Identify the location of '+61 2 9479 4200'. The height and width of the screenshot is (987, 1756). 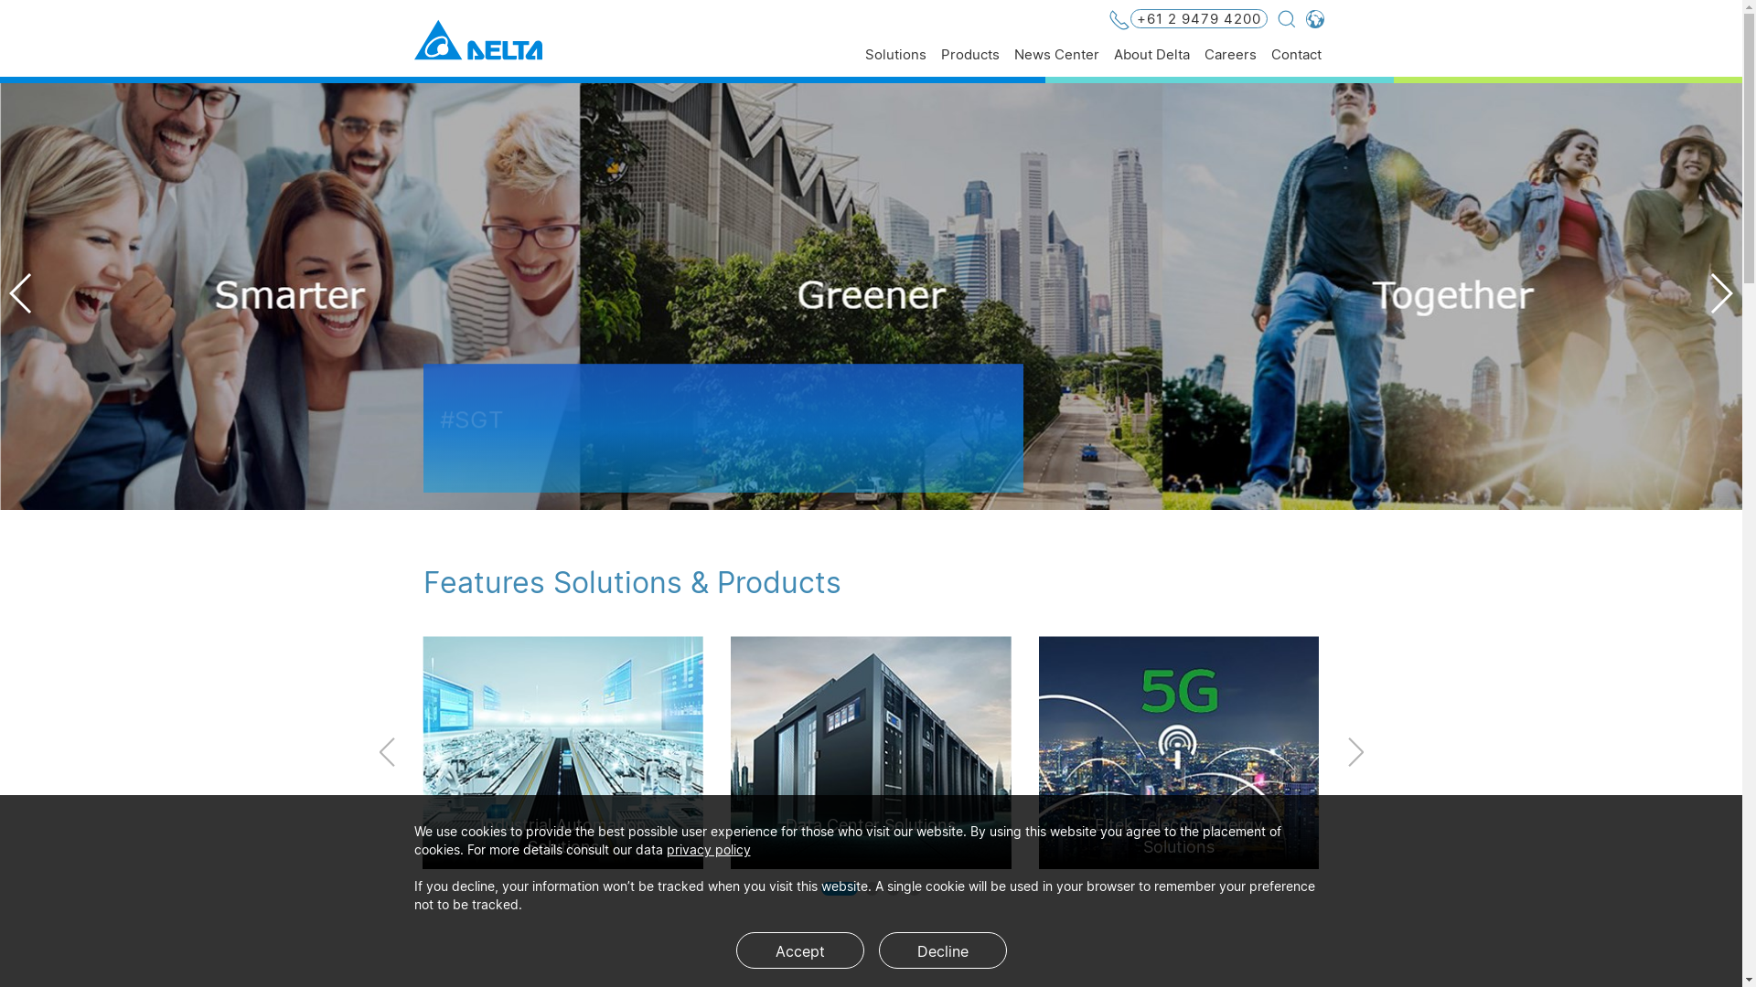
(1188, 20).